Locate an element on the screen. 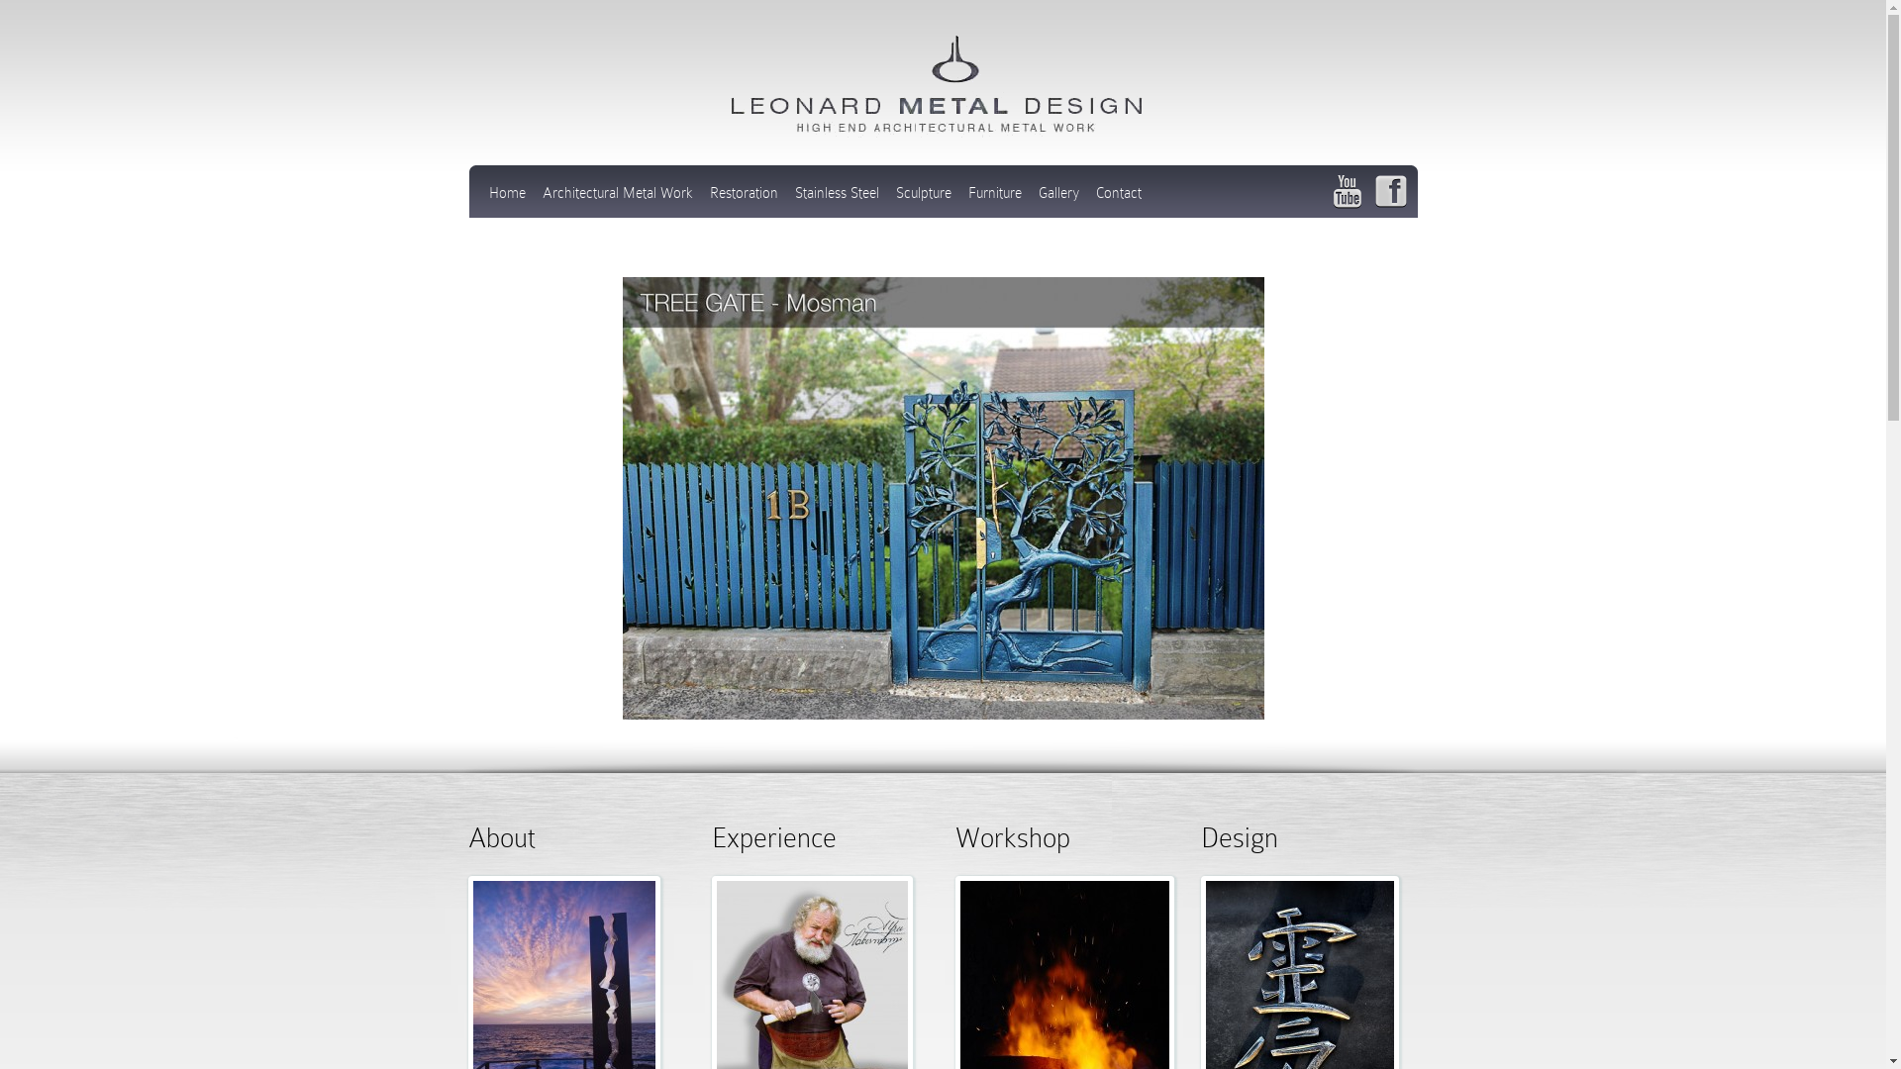  'Contact' is located at coordinates (1093, 199).